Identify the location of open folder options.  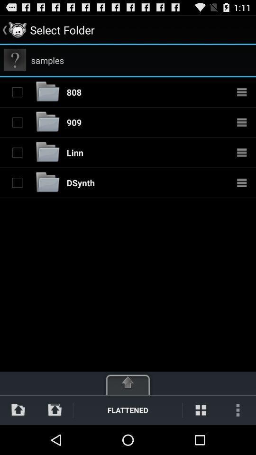
(242, 92).